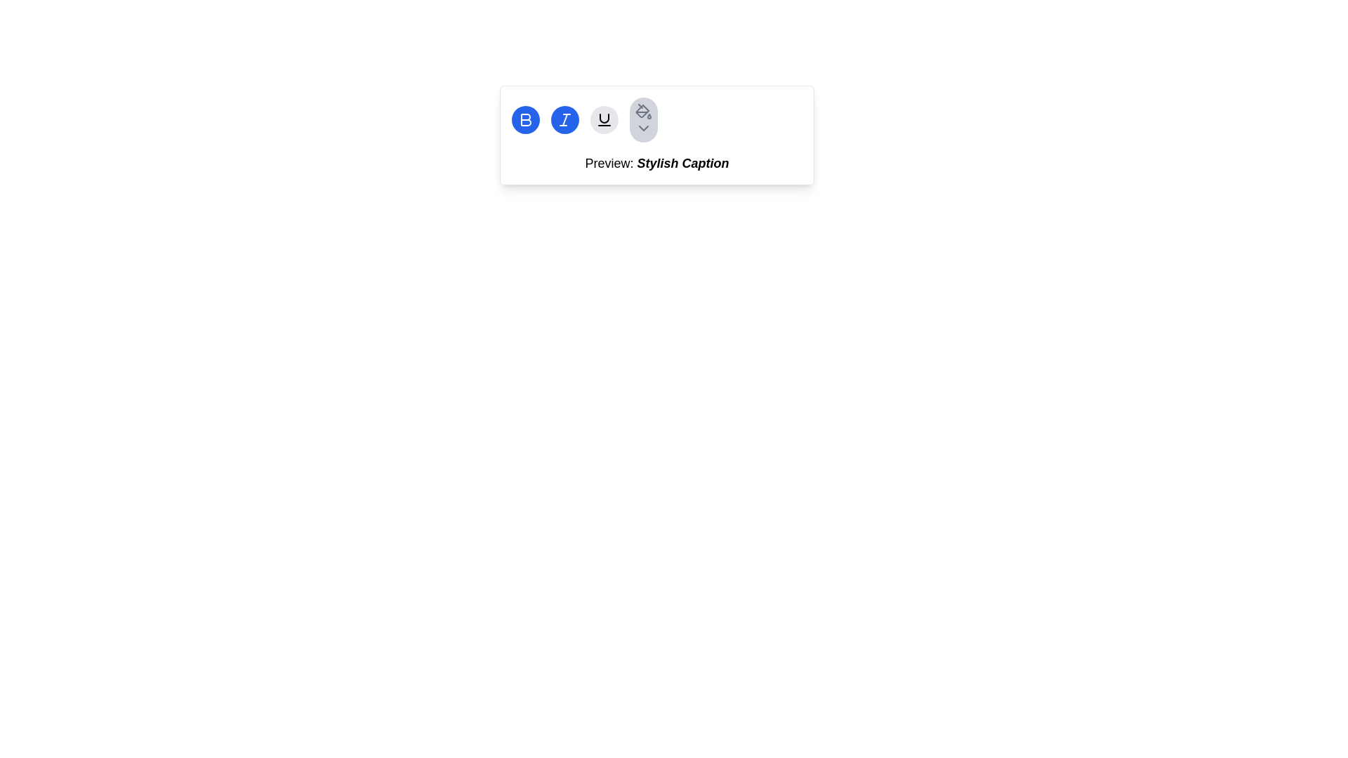  I want to click on the italicized 'I' icon button with a blue background, so click(565, 119).